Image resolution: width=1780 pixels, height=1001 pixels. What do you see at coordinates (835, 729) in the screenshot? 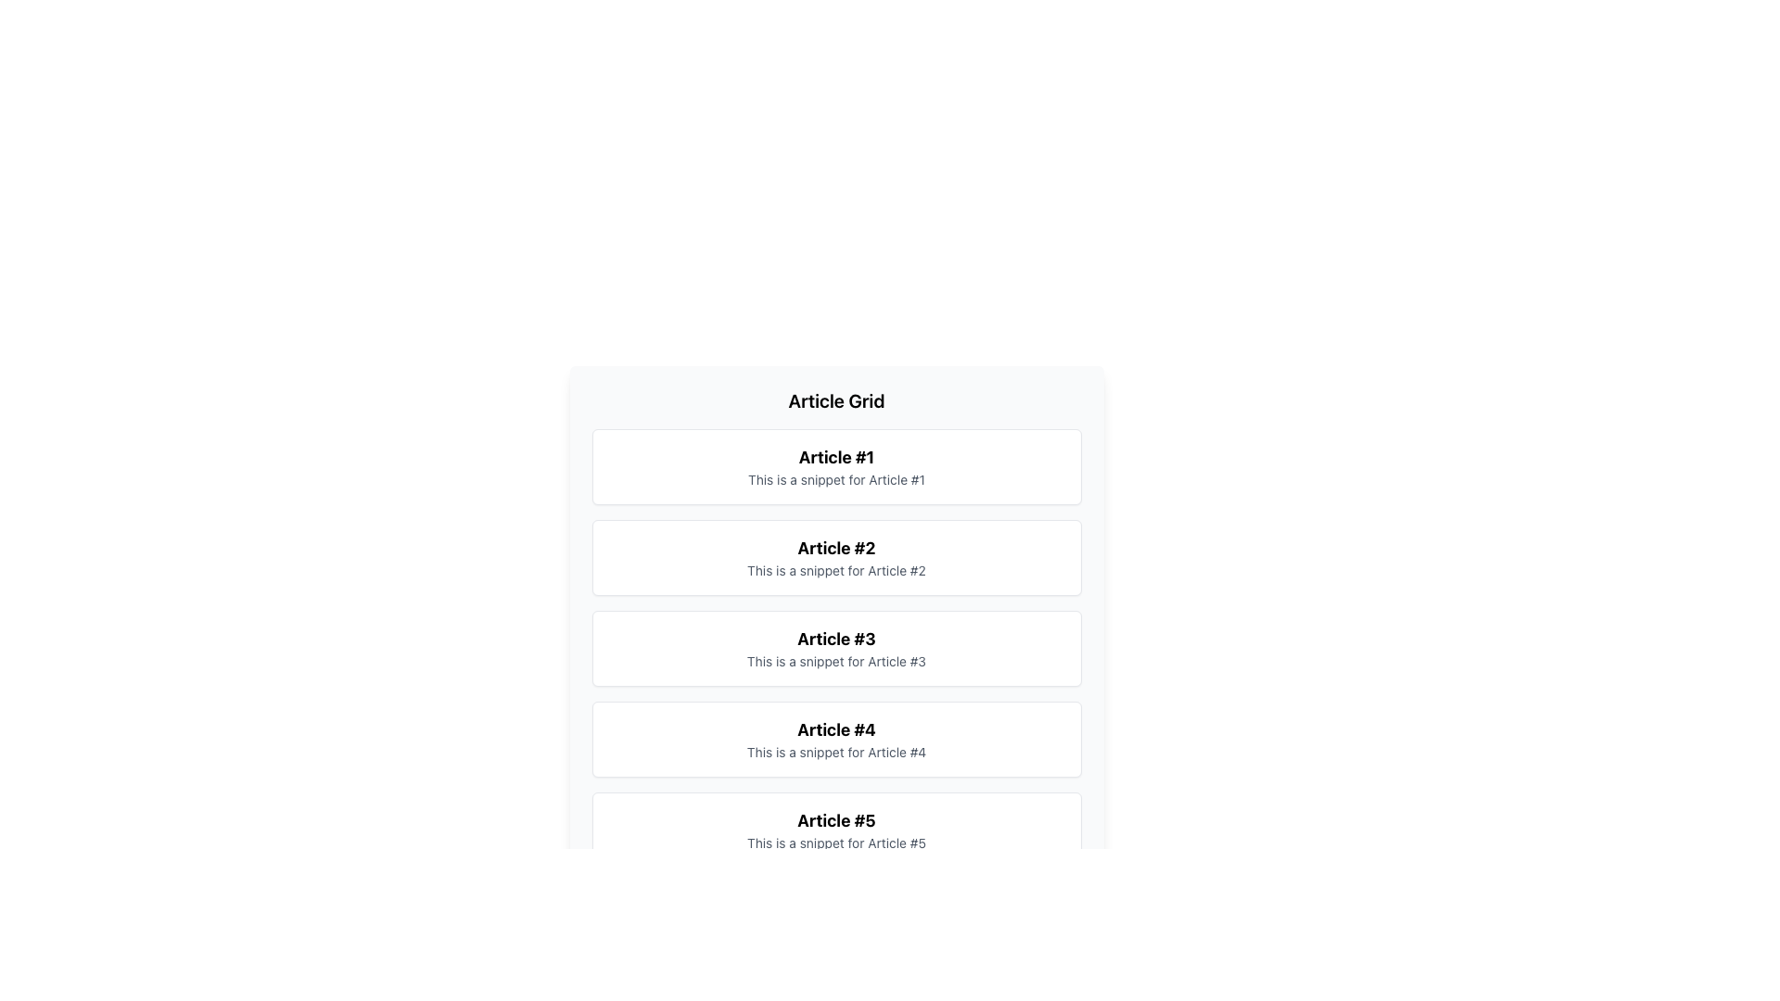
I see `the title text of the fourth article card in the vertically stacked list, which serves as the identifier for the article` at bounding box center [835, 729].